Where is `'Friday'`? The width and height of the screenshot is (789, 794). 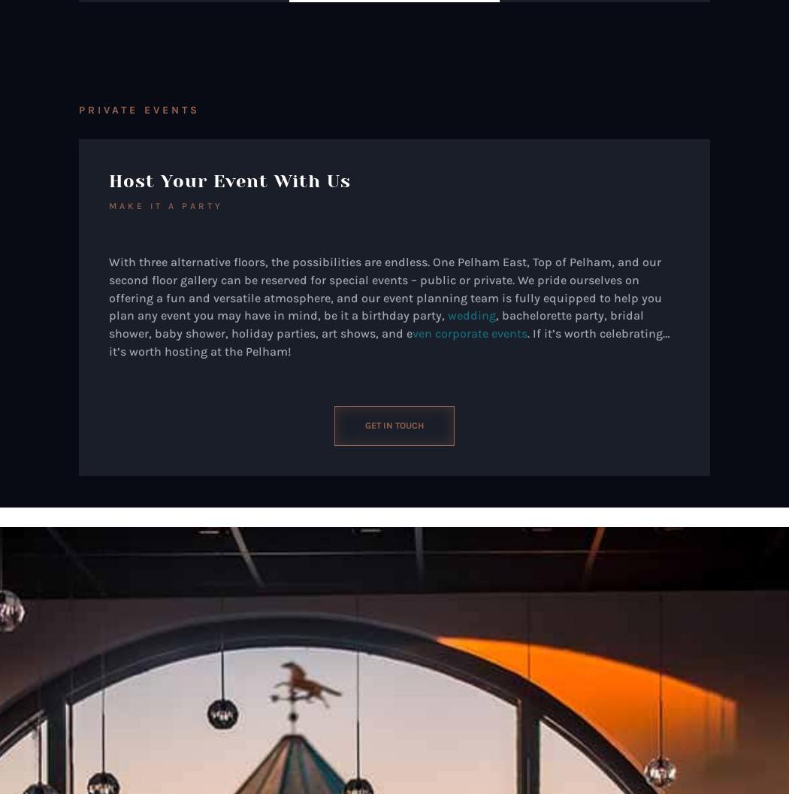 'Friday' is located at coordinates (109, 750).